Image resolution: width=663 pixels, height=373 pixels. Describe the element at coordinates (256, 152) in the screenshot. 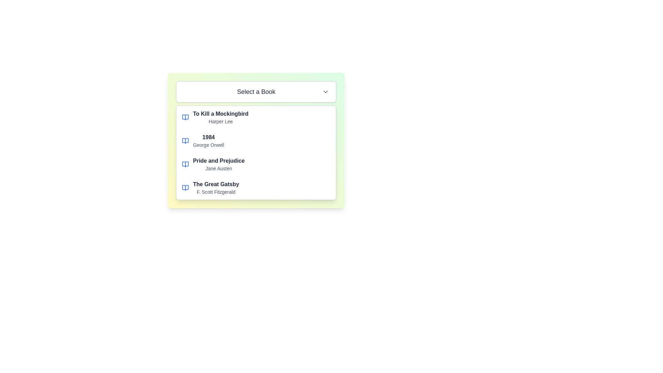

I see `the menu/list that provides book titles and authors located within the 'Select a Book' box` at that location.